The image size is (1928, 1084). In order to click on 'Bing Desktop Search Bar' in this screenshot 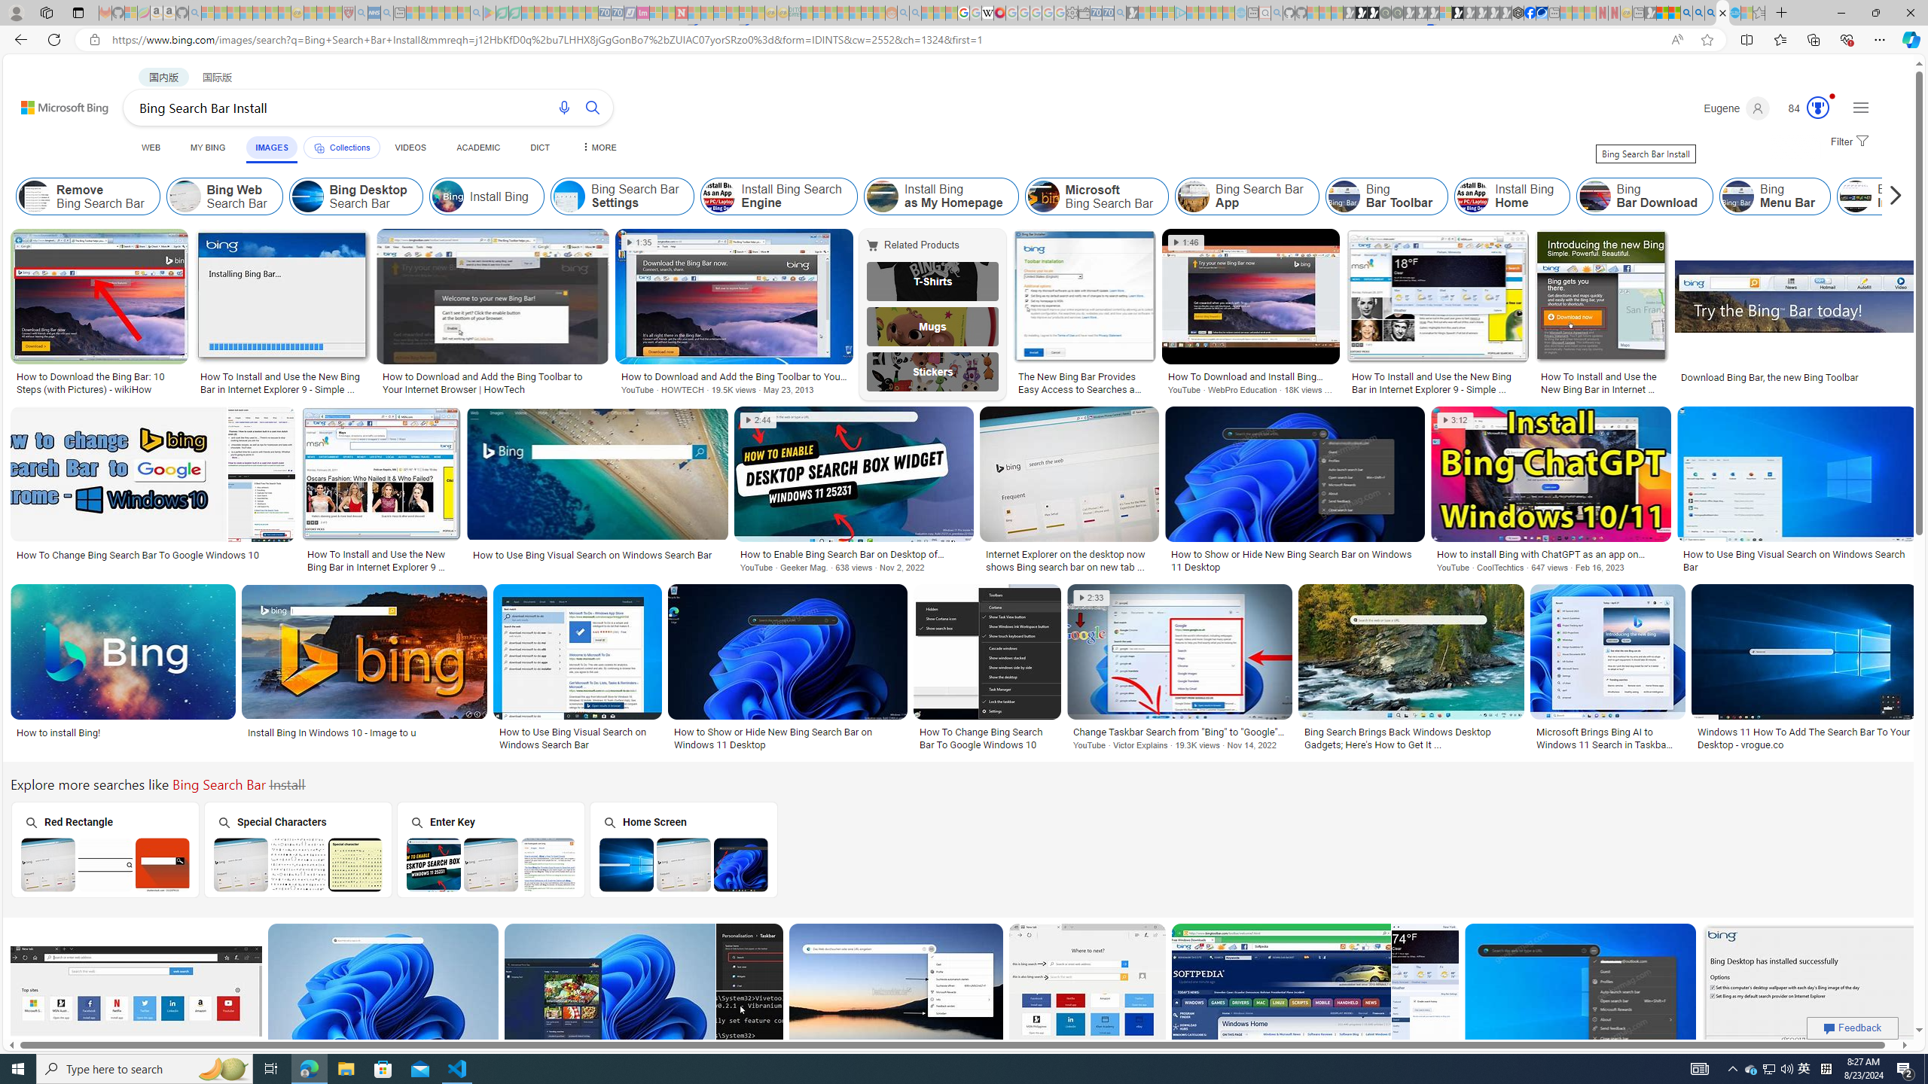, I will do `click(355, 196)`.